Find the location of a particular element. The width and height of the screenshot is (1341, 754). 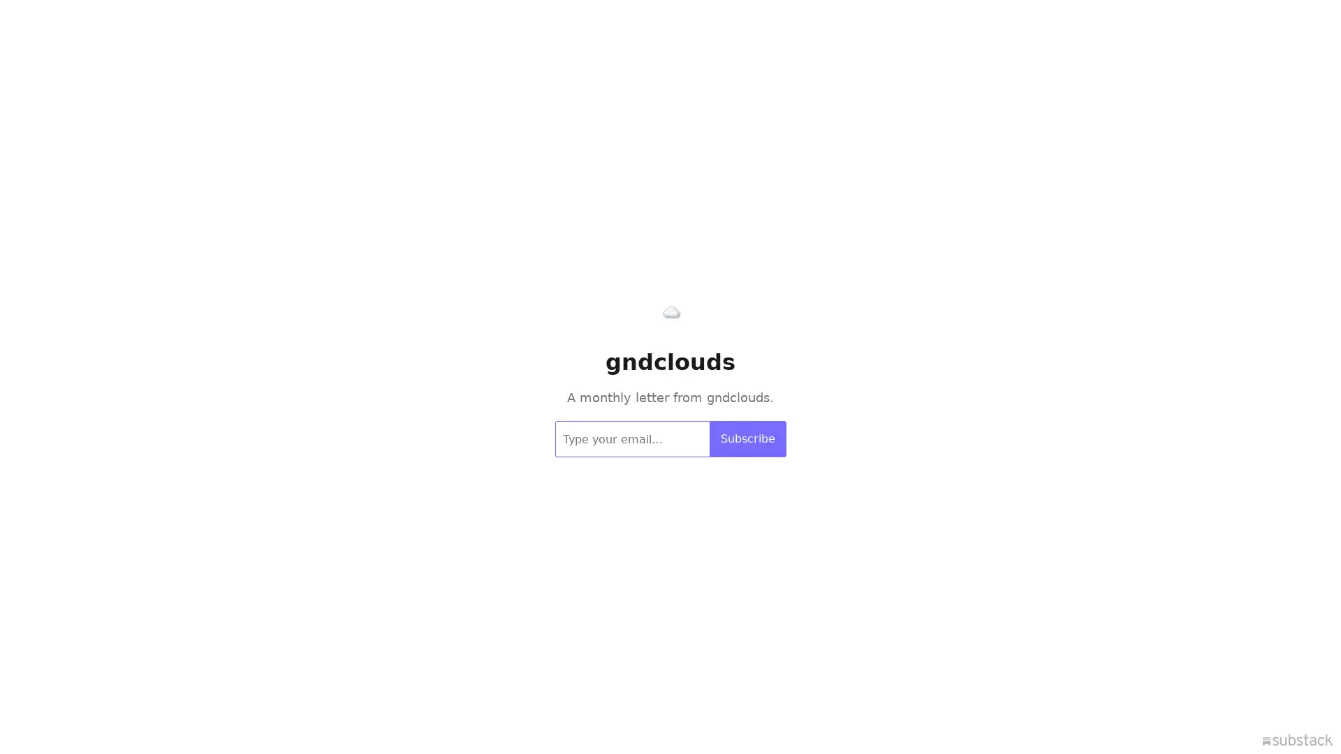

Subscribe is located at coordinates (747, 438).